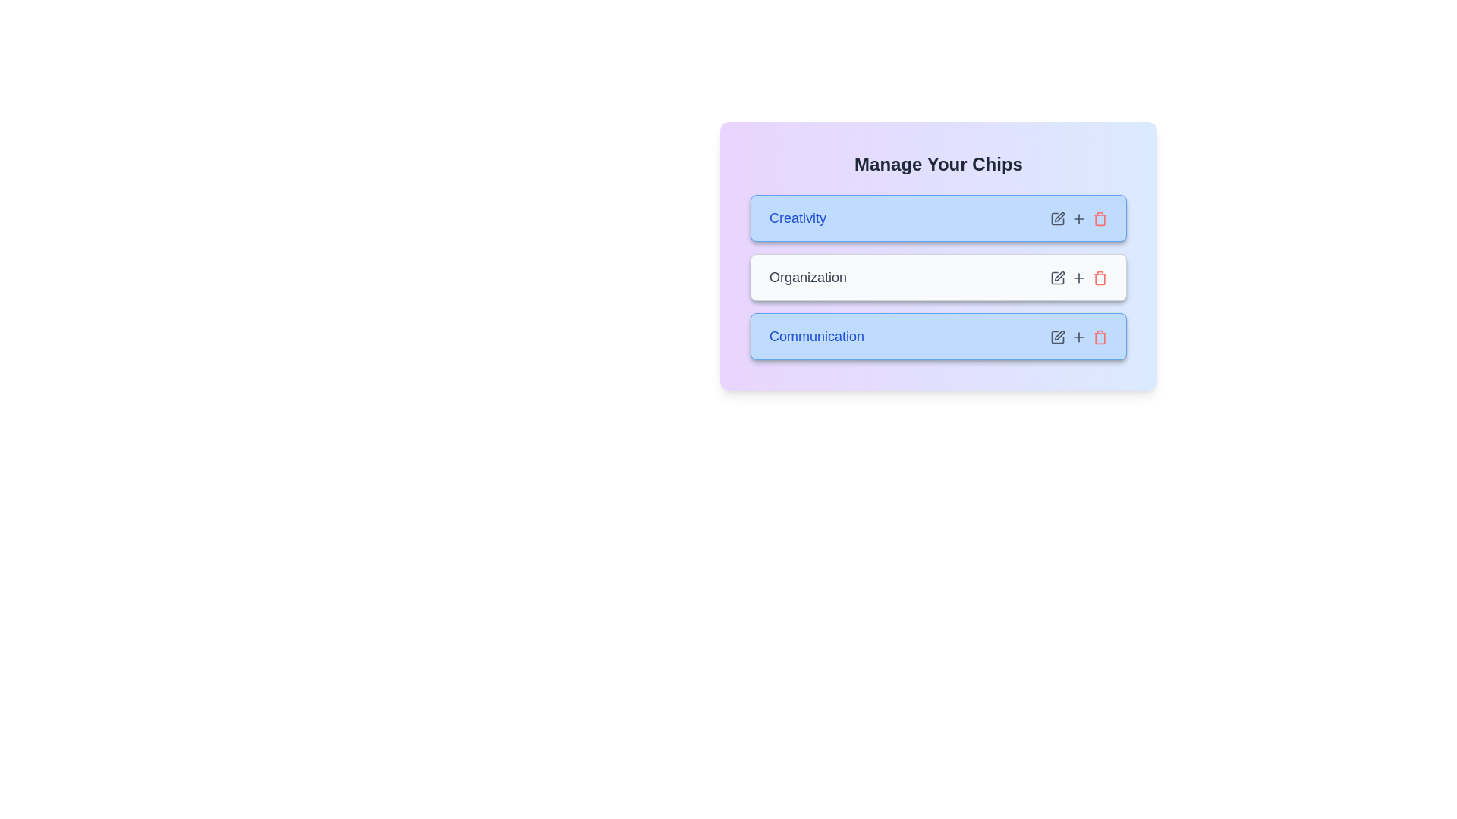 This screenshot has width=1457, height=819. What do you see at coordinates (938, 335) in the screenshot?
I see `the chip item labeled 'Communication' to observe visual feedback` at bounding box center [938, 335].